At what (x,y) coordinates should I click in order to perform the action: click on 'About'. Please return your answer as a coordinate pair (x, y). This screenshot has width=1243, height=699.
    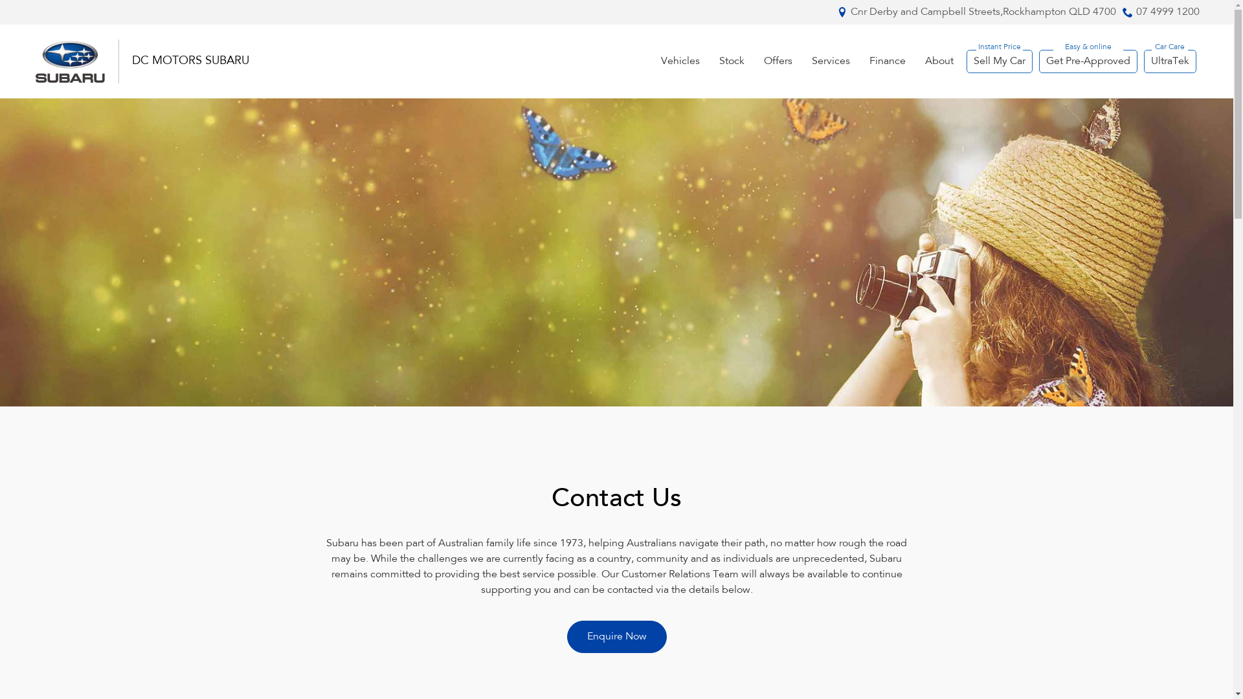
    Looking at the image, I should click on (939, 61).